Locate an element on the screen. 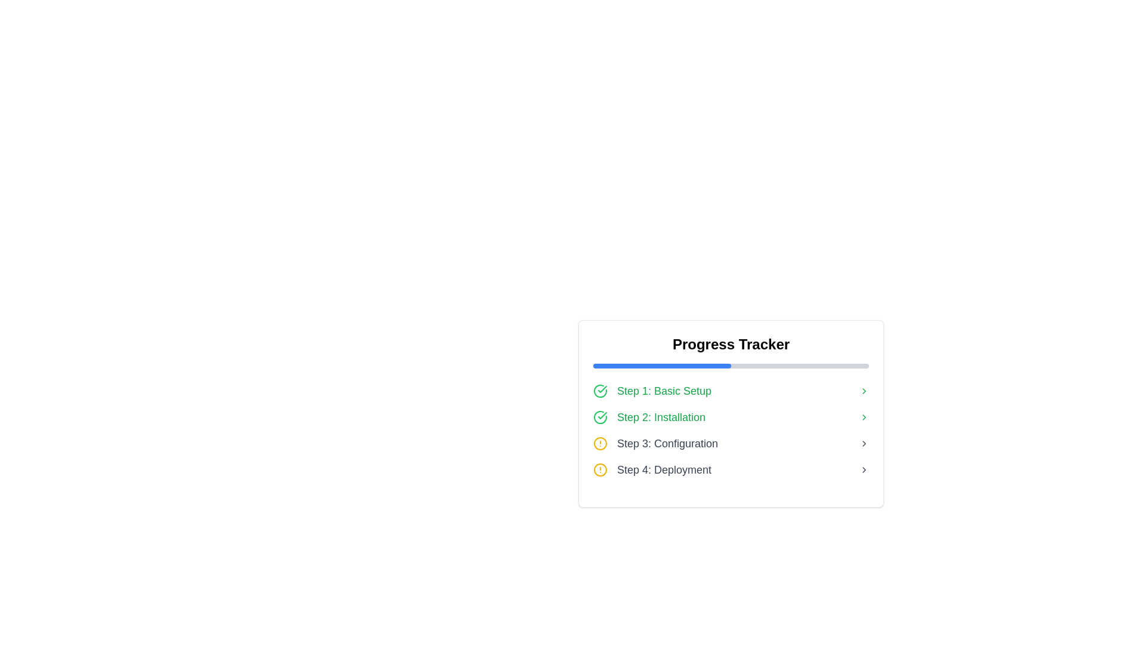 This screenshot has width=1146, height=645. the chevron icon aligned with 'Step 3: Configuration' in the progress tracker is located at coordinates (864, 444).